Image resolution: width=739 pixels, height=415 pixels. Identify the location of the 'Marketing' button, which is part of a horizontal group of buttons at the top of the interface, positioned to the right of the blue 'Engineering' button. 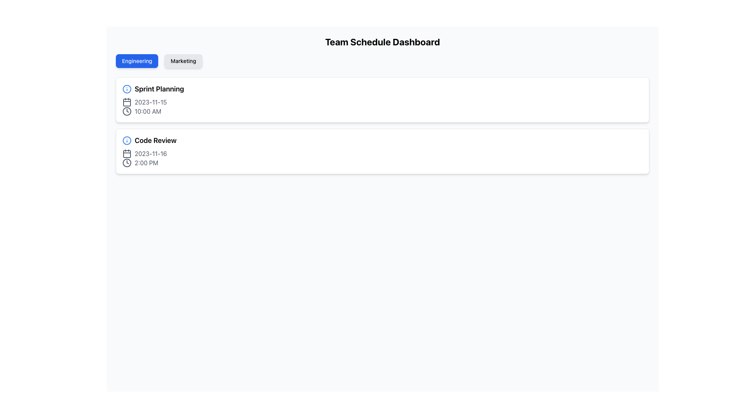
(183, 60).